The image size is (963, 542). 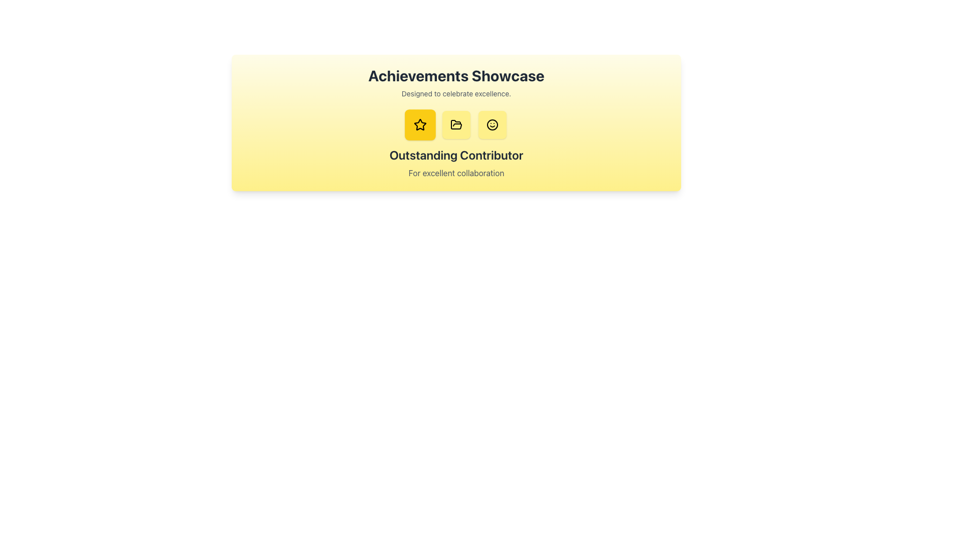 What do you see at coordinates (420, 123) in the screenshot?
I see `the rounded yellow button with a black outlined star icon located in the 'Achievements Showcase' section, positioned to the left of the folder icon and the smiley face icon` at bounding box center [420, 123].